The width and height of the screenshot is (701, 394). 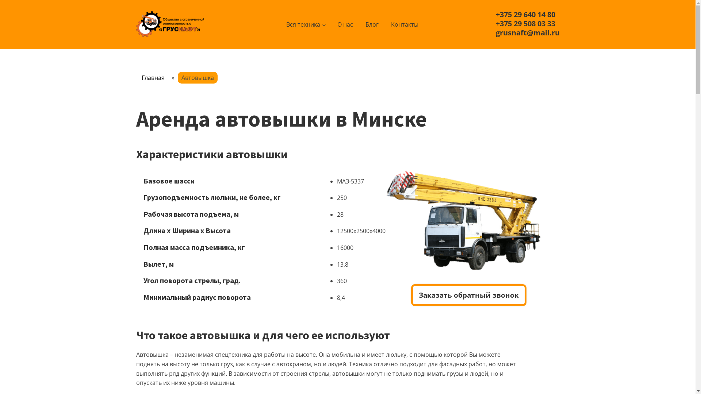 I want to click on '+375 29 640 14 80', so click(x=525, y=14).